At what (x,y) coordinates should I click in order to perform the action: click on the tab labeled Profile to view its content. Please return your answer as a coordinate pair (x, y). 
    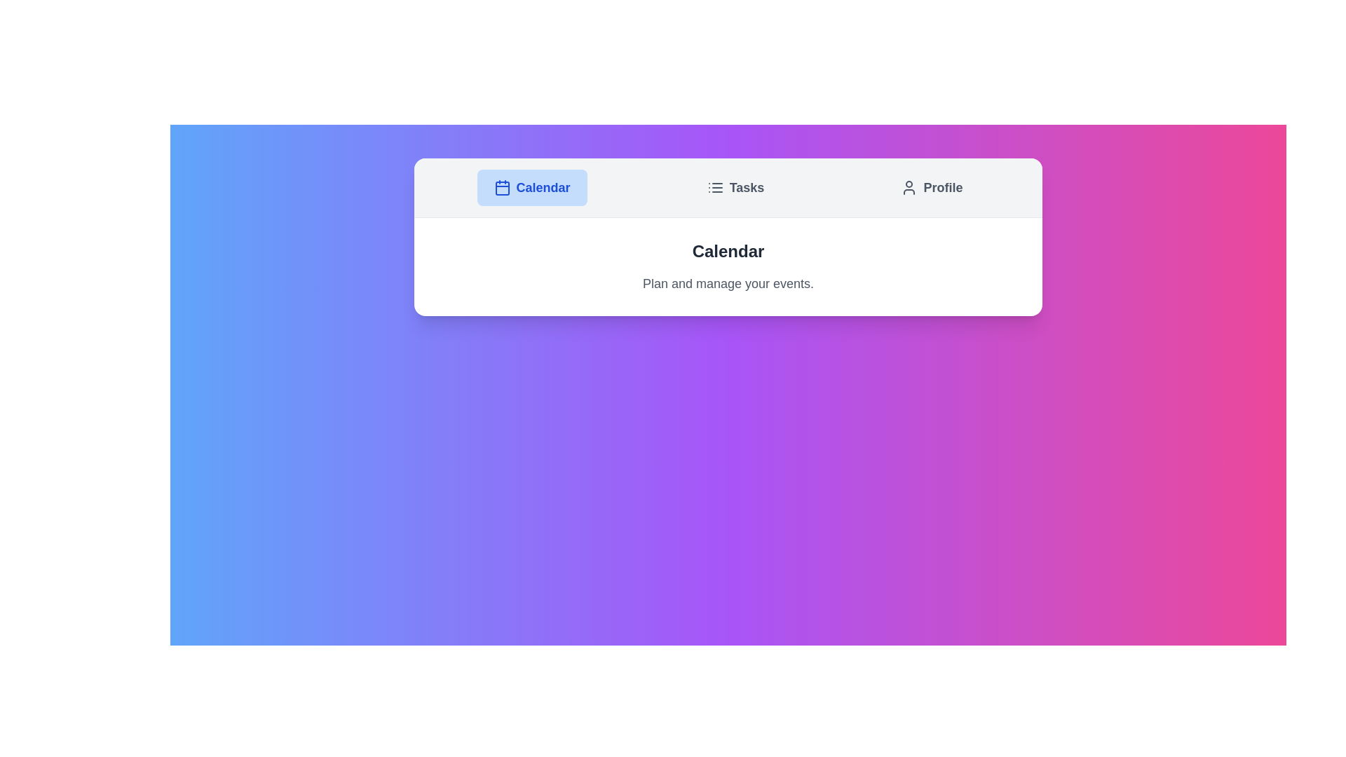
    Looking at the image, I should click on (932, 186).